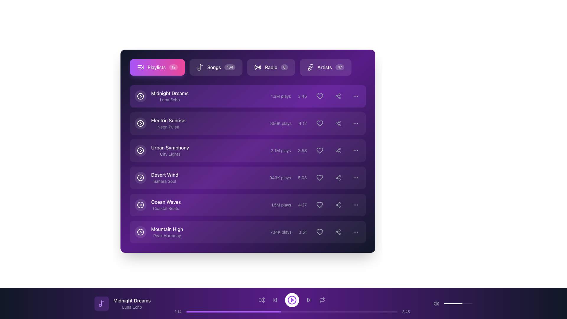 This screenshot has height=319, width=567. Describe the element at coordinates (453, 304) in the screenshot. I see `the volume level` at that location.